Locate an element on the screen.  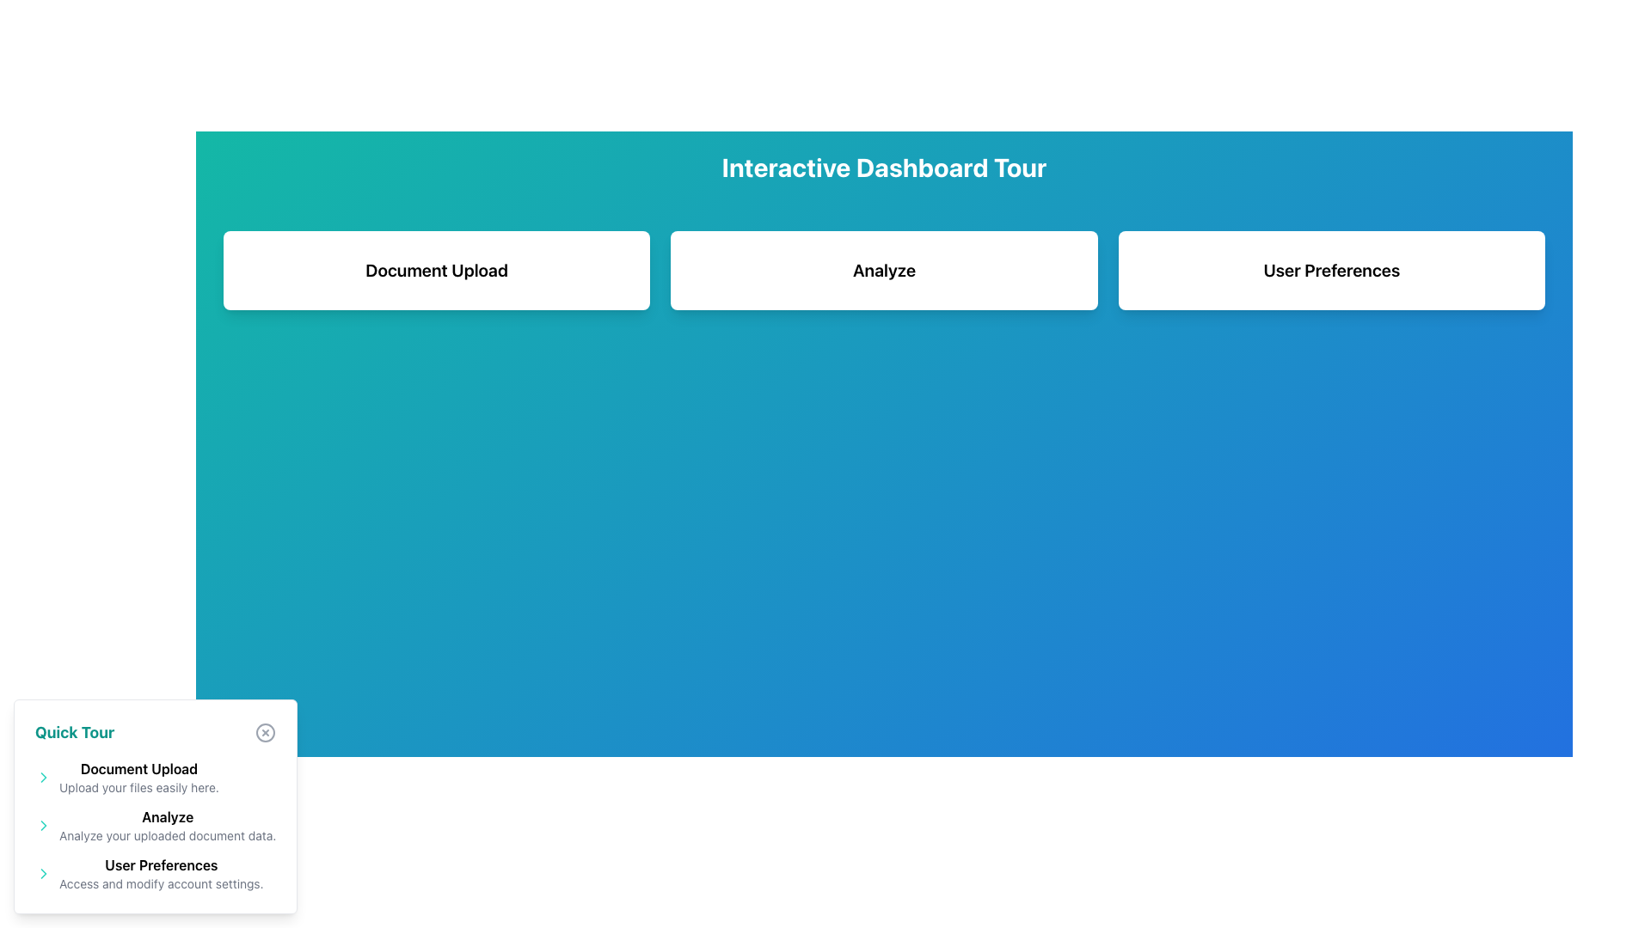
static text label that describes account settings, located below the 'User Preferences' heading in the pop-up menu panel is located at coordinates (161, 884).